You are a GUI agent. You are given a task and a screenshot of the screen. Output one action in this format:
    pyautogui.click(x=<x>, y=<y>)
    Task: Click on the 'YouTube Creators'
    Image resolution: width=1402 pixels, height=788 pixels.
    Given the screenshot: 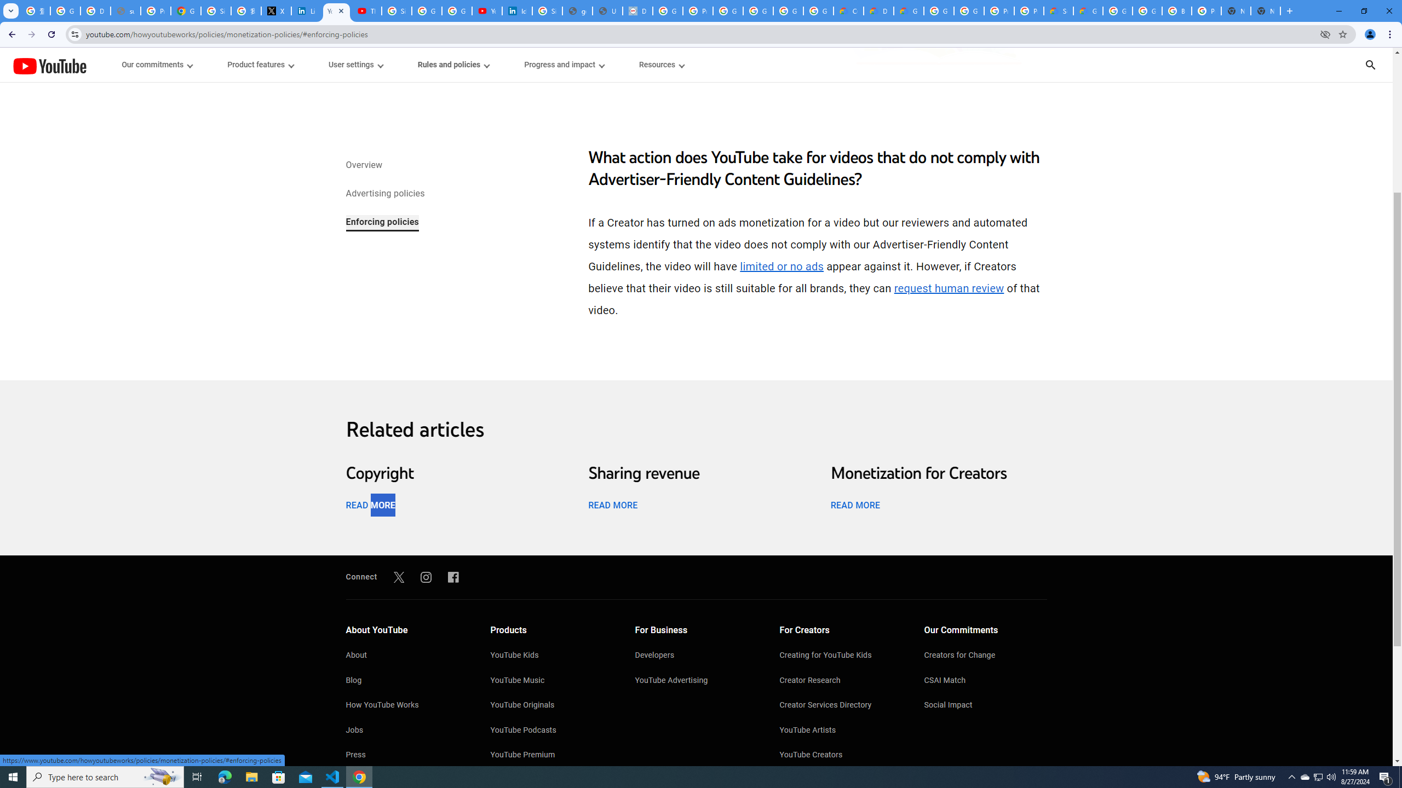 What is the action you would take?
    pyautogui.click(x=841, y=755)
    